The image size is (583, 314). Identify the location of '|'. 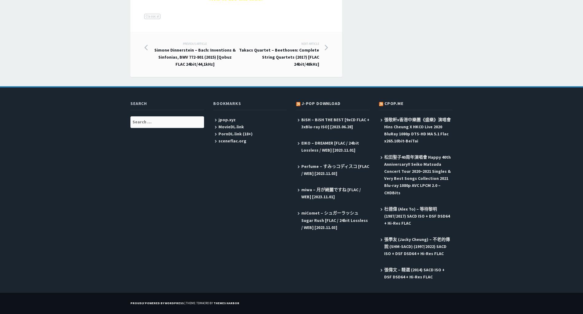
(185, 303).